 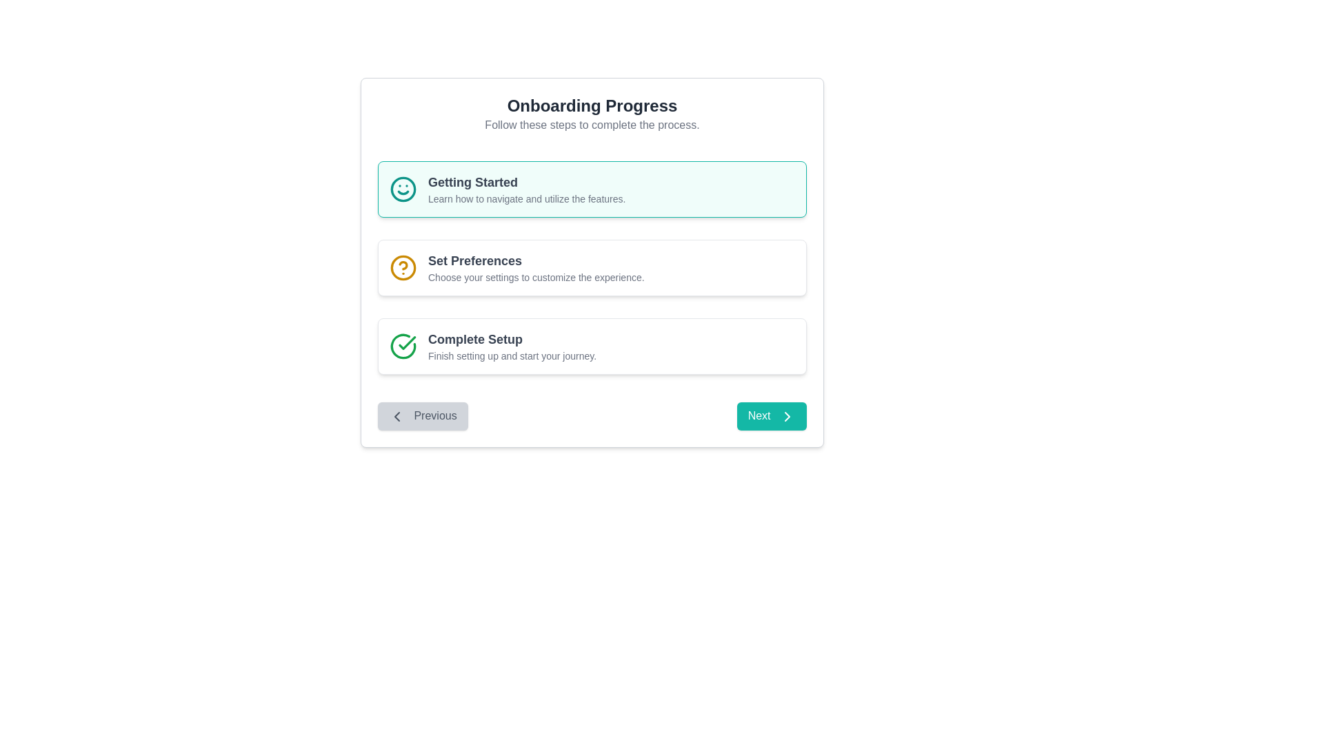 What do you see at coordinates (397, 415) in the screenshot?
I see `the Icon located to the left of the 'Previous' text` at bounding box center [397, 415].